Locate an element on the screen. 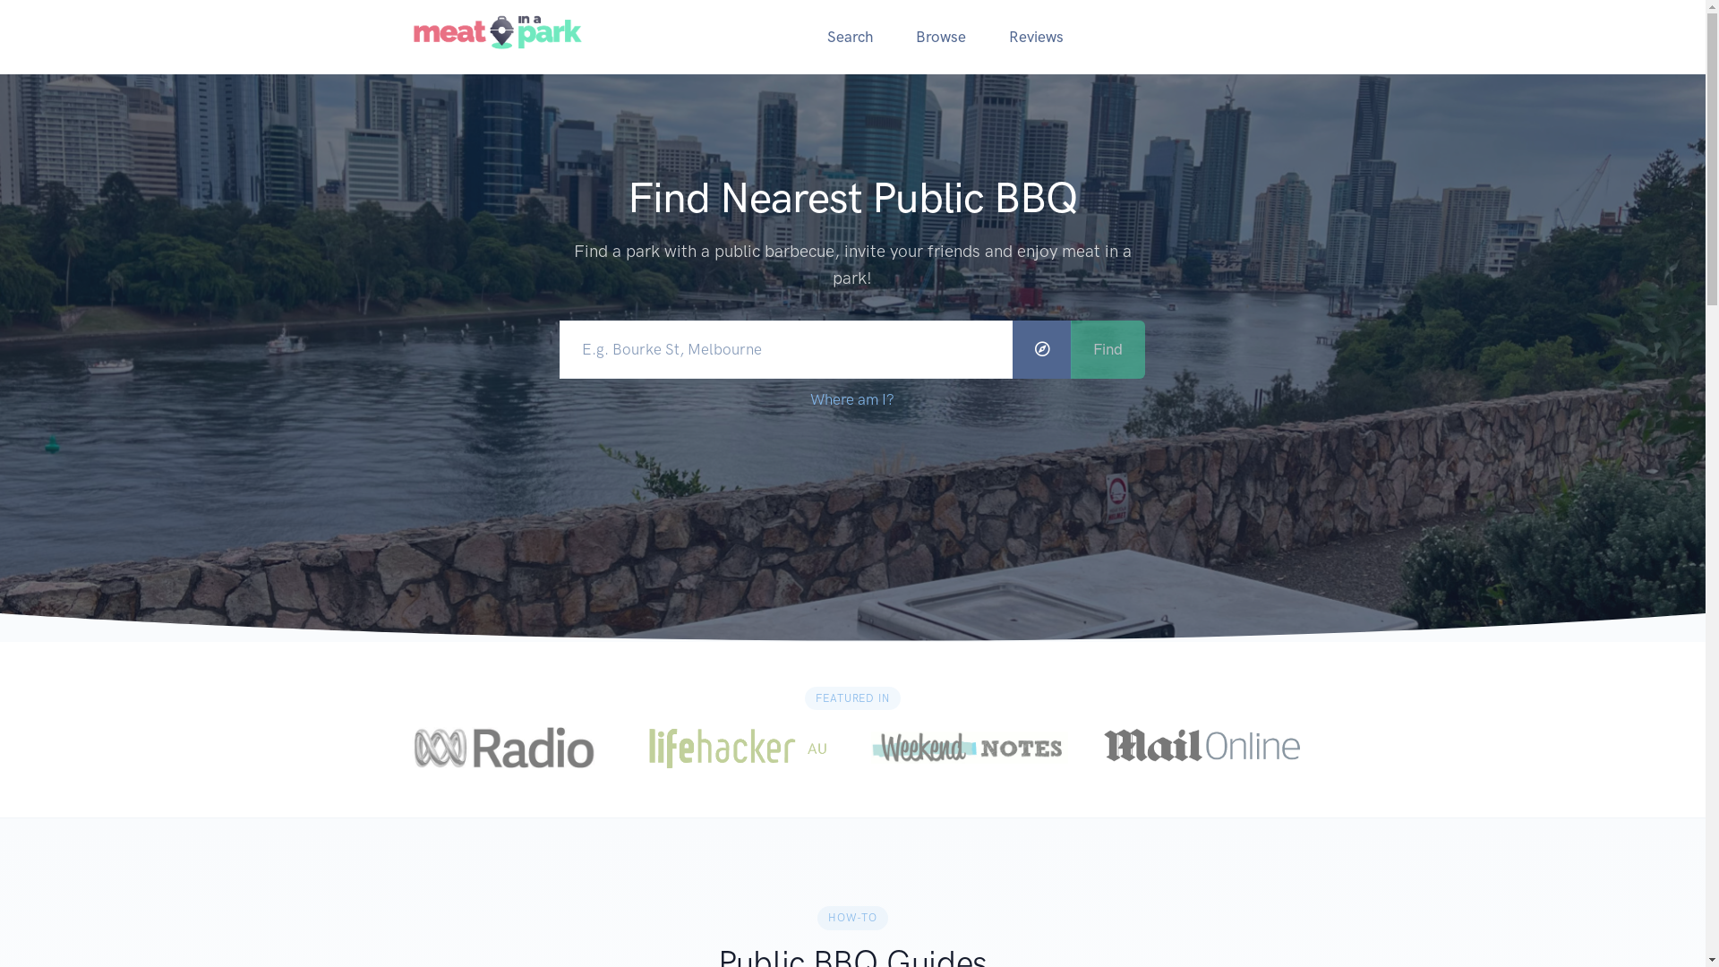  'Reviews' is located at coordinates (1035, 37).